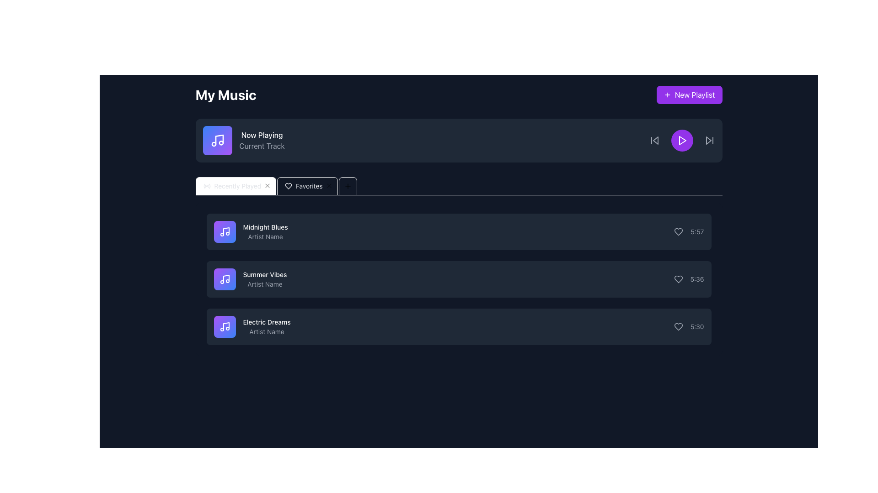  I want to click on the 'Favorites' tab, so click(303, 186).